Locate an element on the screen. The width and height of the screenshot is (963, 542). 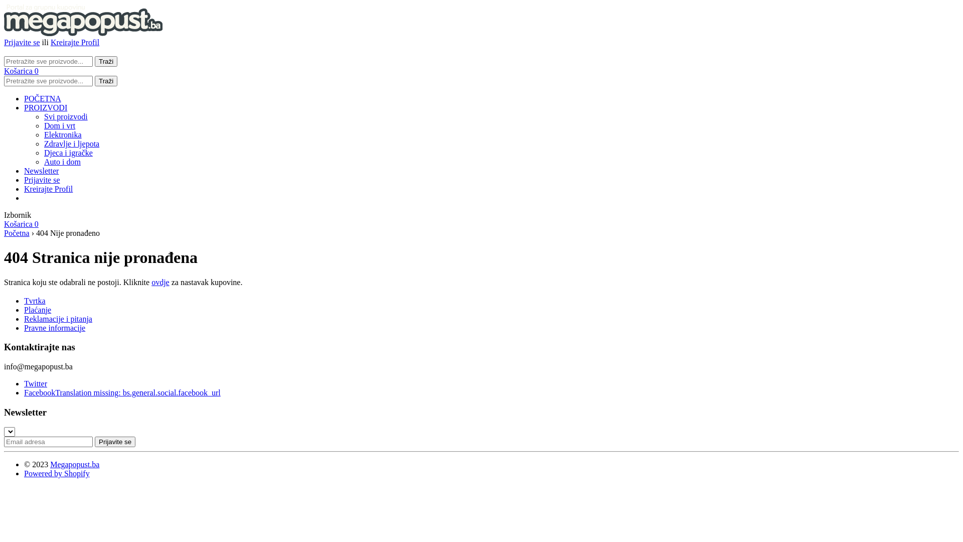
'Powered by Shopify' is located at coordinates (56, 473).